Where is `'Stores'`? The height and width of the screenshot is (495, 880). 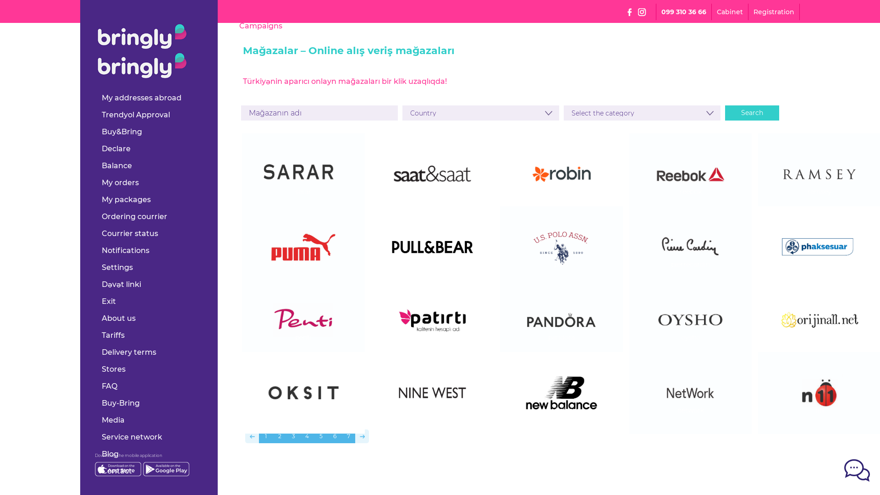 'Stores' is located at coordinates (113, 368).